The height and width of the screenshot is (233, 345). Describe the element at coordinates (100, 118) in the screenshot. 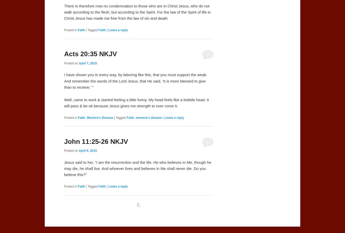

I see `'Meniere's Disease'` at that location.